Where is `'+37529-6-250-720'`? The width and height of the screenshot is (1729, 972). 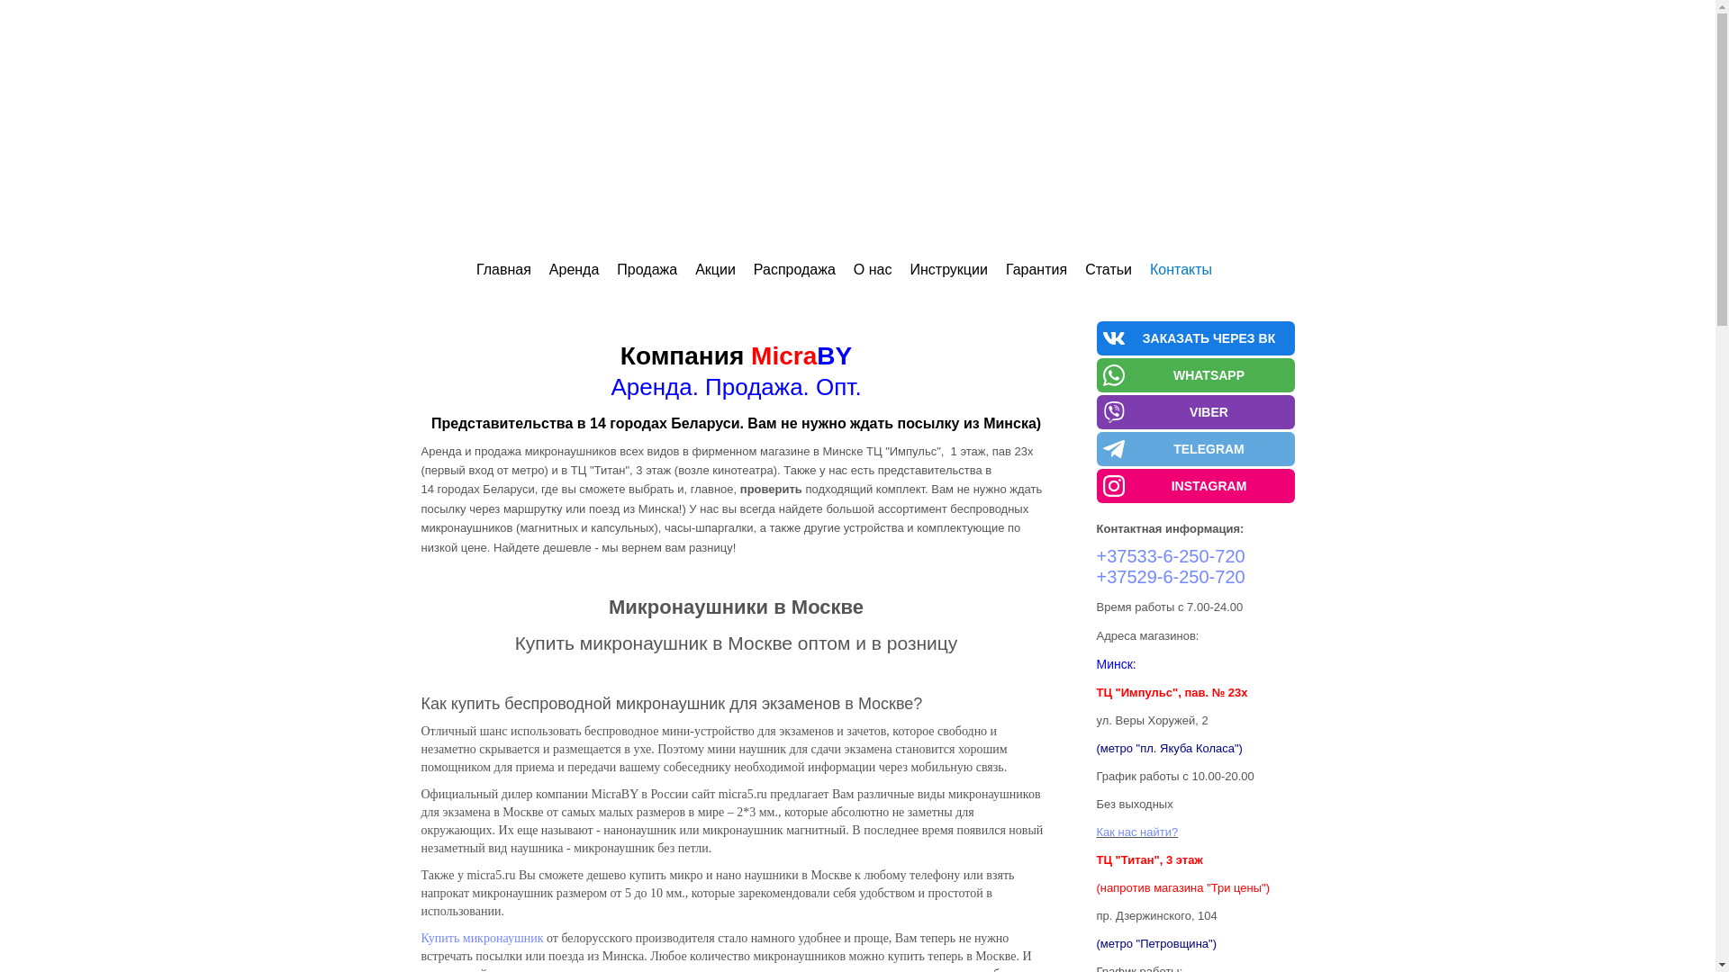
'+37529-6-250-720' is located at coordinates (1171, 576).